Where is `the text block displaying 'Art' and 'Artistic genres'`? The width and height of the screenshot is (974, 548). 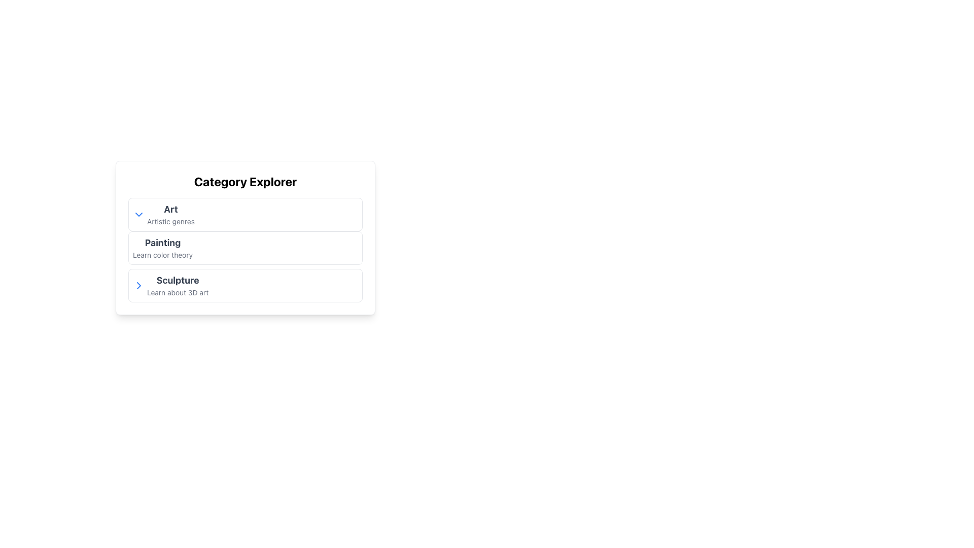 the text block displaying 'Art' and 'Artistic genres' is located at coordinates (170, 214).